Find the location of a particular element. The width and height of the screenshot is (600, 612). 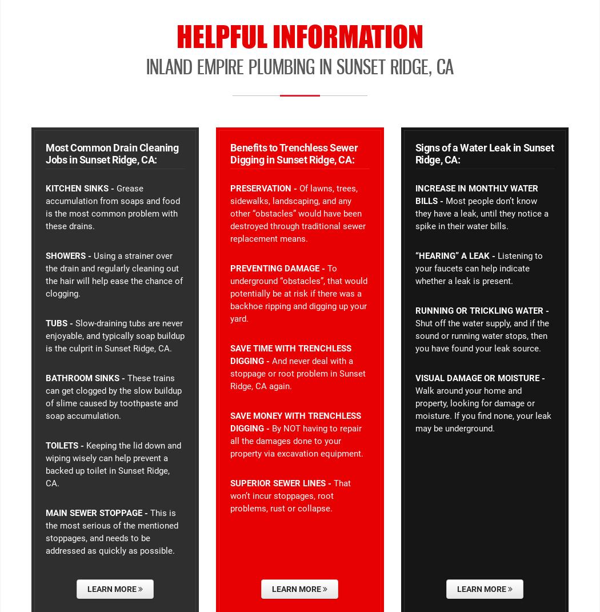

'Of lawns, trees, sidewalks, landscaping, and any other “obstacles” would have been destroyed through traditional sewer replacement means.' is located at coordinates (297, 213).